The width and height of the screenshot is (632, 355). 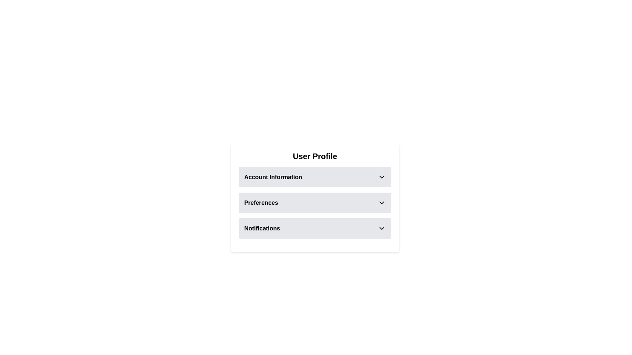 What do you see at coordinates (273, 177) in the screenshot?
I see `the 'Account Information' text label located at the top of the list under 'User Profile'` at bounding box center [273, 177].